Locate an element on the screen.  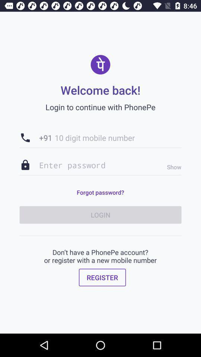
forgot password? item is located at coordinates (100, 192).